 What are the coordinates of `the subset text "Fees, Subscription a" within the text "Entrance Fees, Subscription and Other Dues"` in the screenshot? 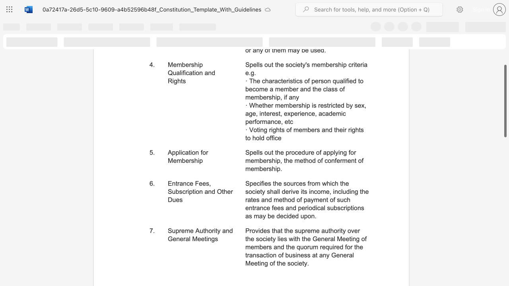 It's located at (195, 184).